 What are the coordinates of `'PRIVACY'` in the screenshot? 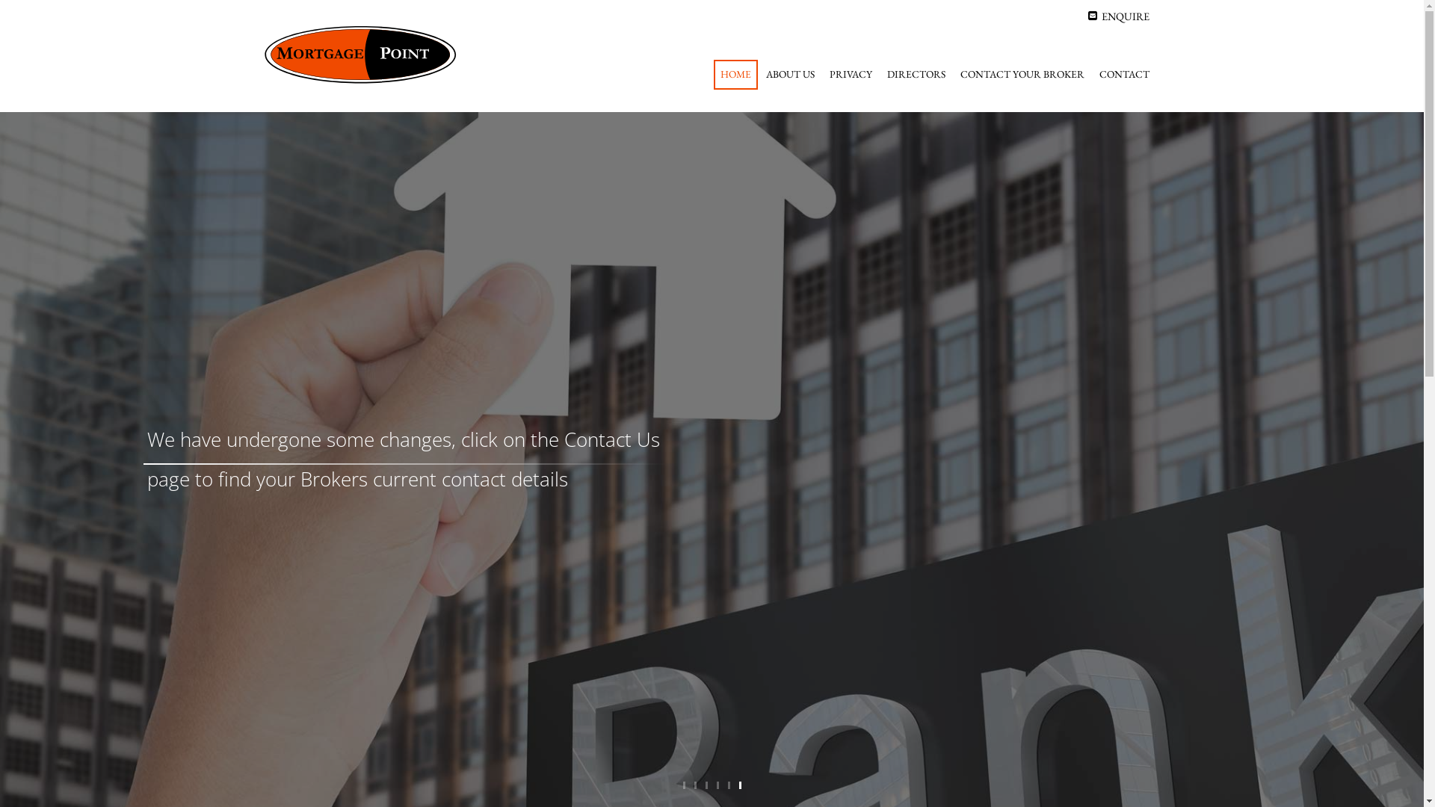 It's located at (850, 75).